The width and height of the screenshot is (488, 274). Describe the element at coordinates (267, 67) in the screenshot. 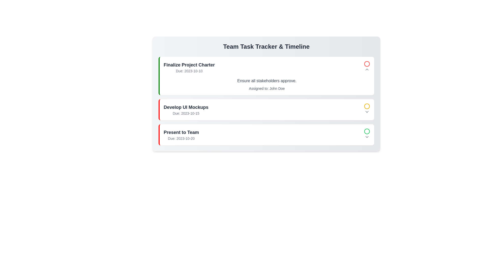

I see `the task labeled 'Finalize Project Charter'` at that location.